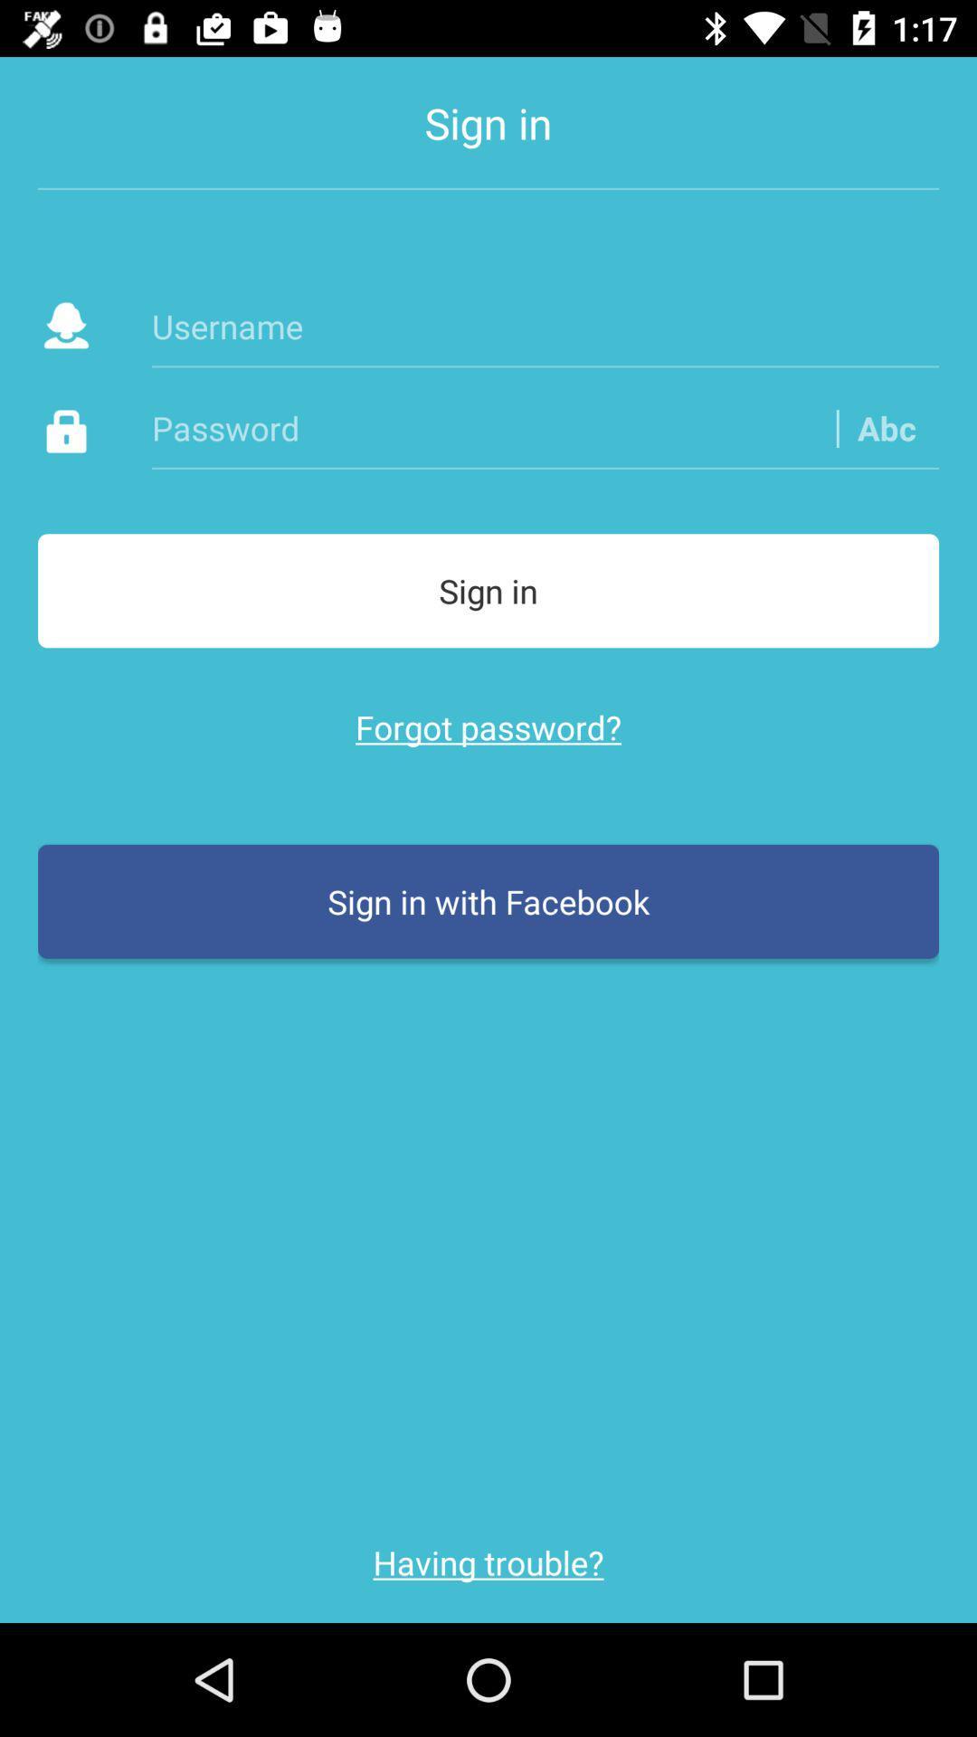  What do you see at coordinates (544, 326) in the screenshot?
I see `the item below sign in icon` at bounding box center [544, 326].